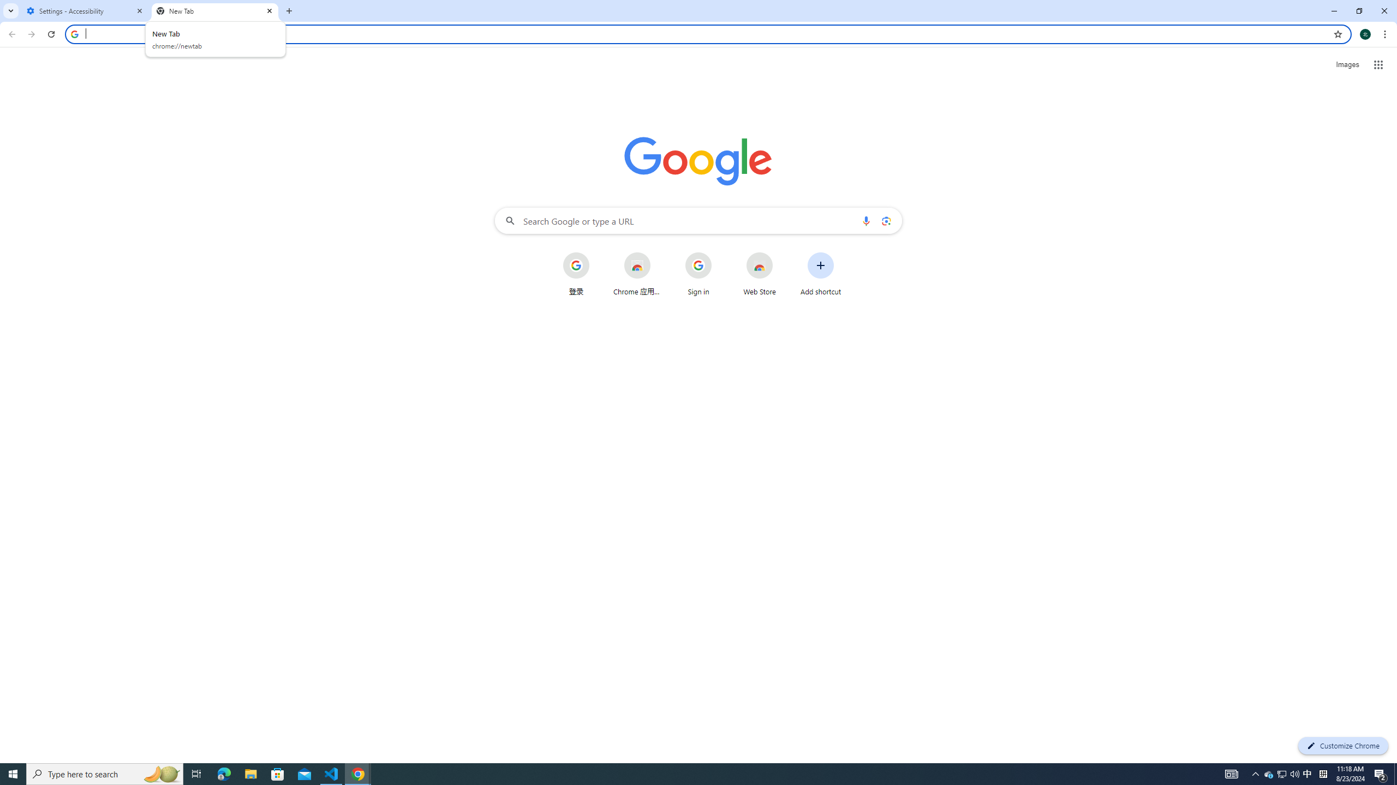 Image resolution: width=1397 pixels, height=785 pixels. What do you see at coordinates (781, 253) in the screenshot?
I see `'More actions for Web Store shortcut'` at bounding box center [781, 253].